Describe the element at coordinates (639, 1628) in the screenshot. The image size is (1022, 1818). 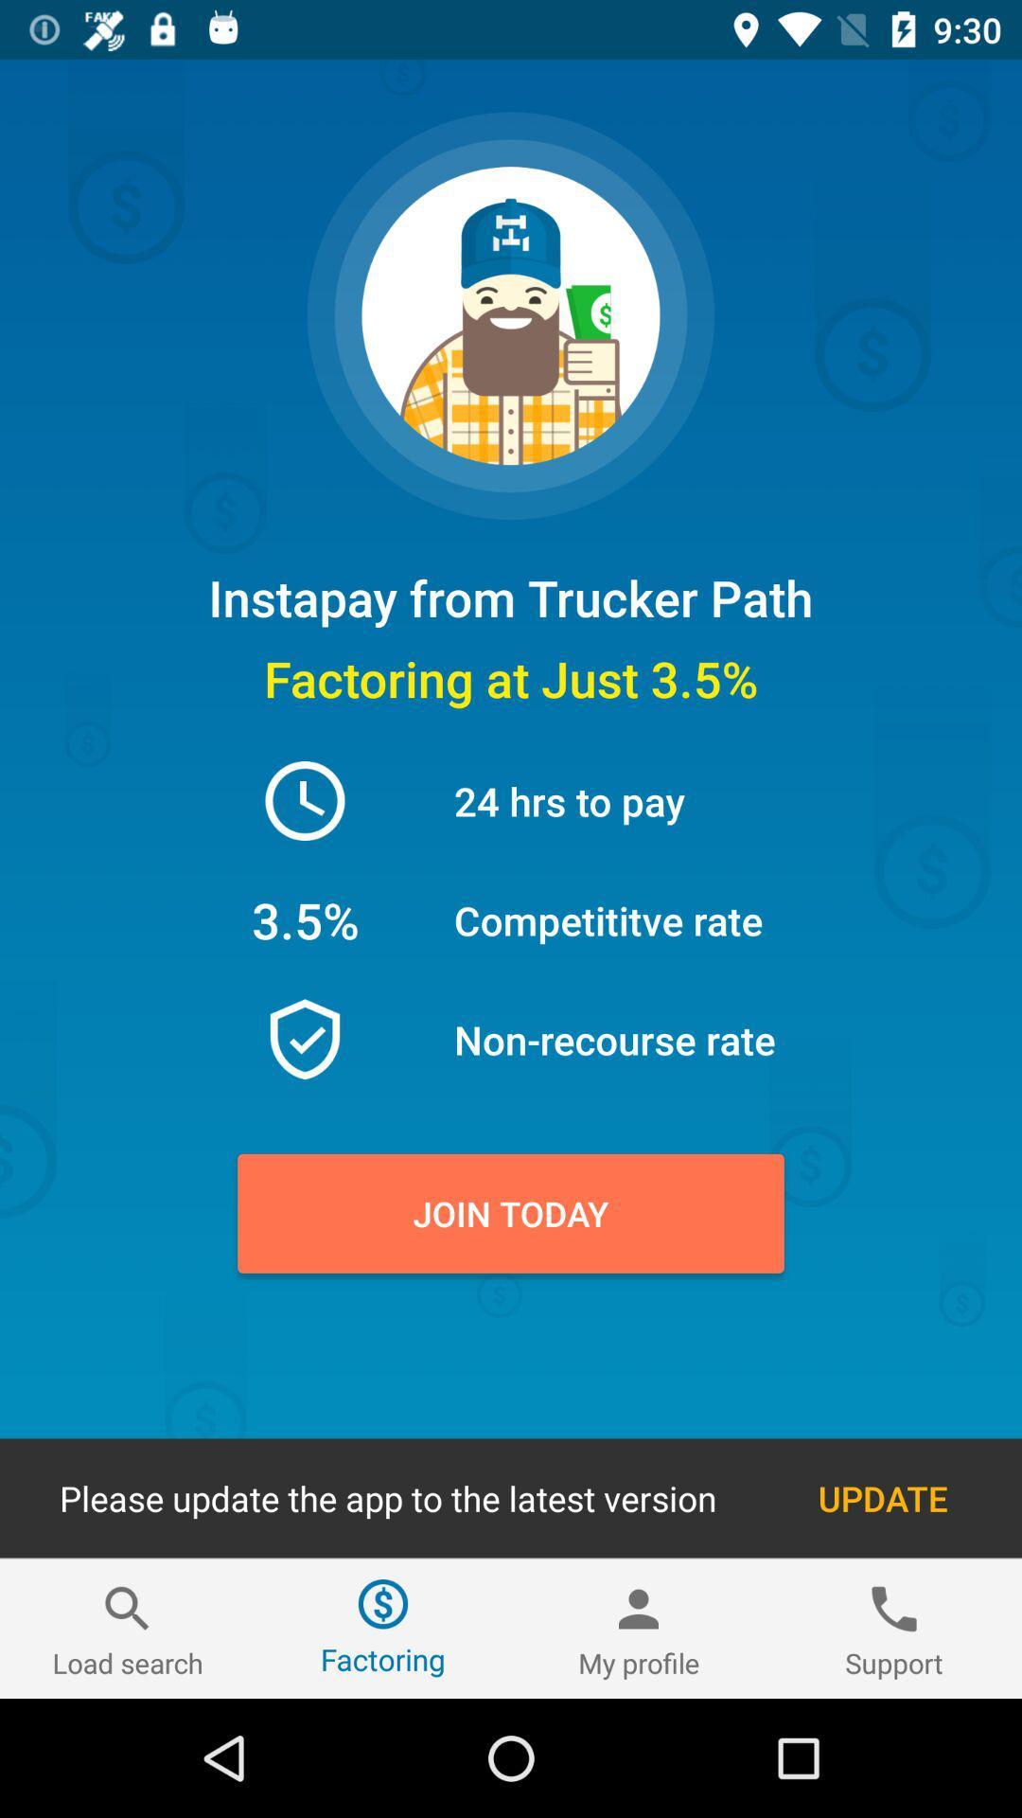
I see `item next to support` at that location.